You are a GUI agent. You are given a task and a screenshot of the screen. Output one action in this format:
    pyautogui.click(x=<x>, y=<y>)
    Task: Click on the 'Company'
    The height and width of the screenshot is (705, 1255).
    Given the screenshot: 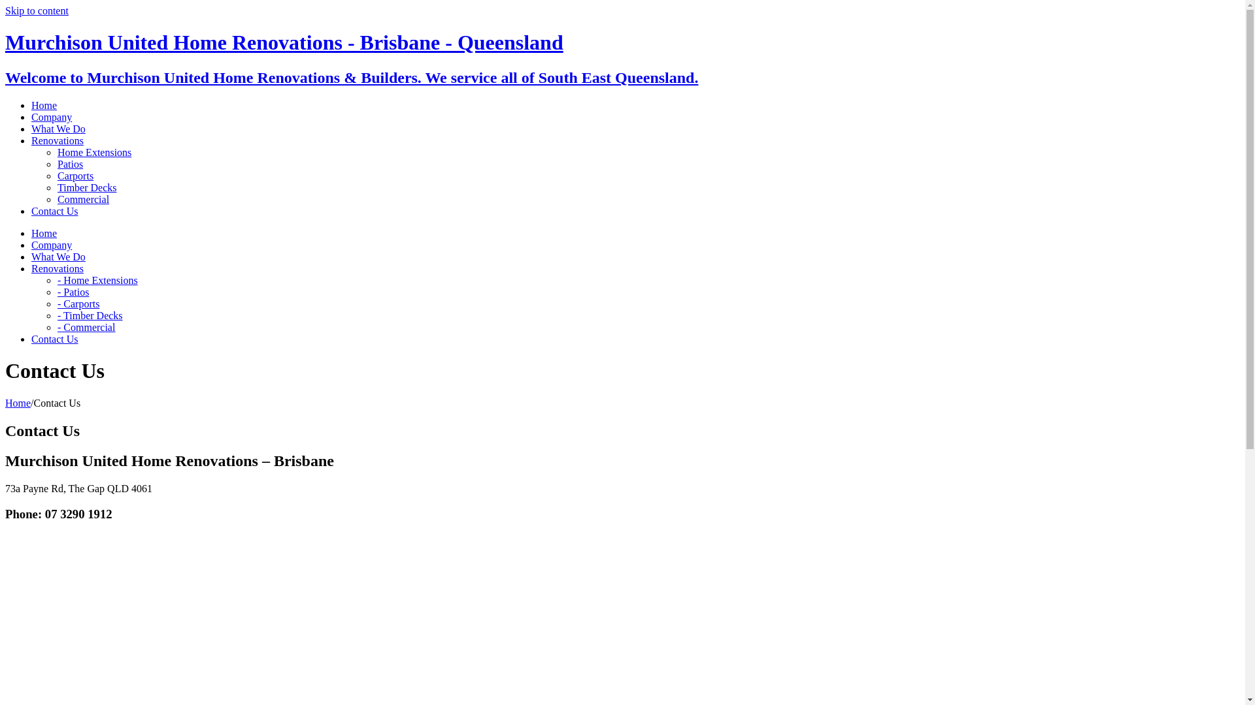 What is the action you would take?
    pyautogui.click(x=31, y=116)
    